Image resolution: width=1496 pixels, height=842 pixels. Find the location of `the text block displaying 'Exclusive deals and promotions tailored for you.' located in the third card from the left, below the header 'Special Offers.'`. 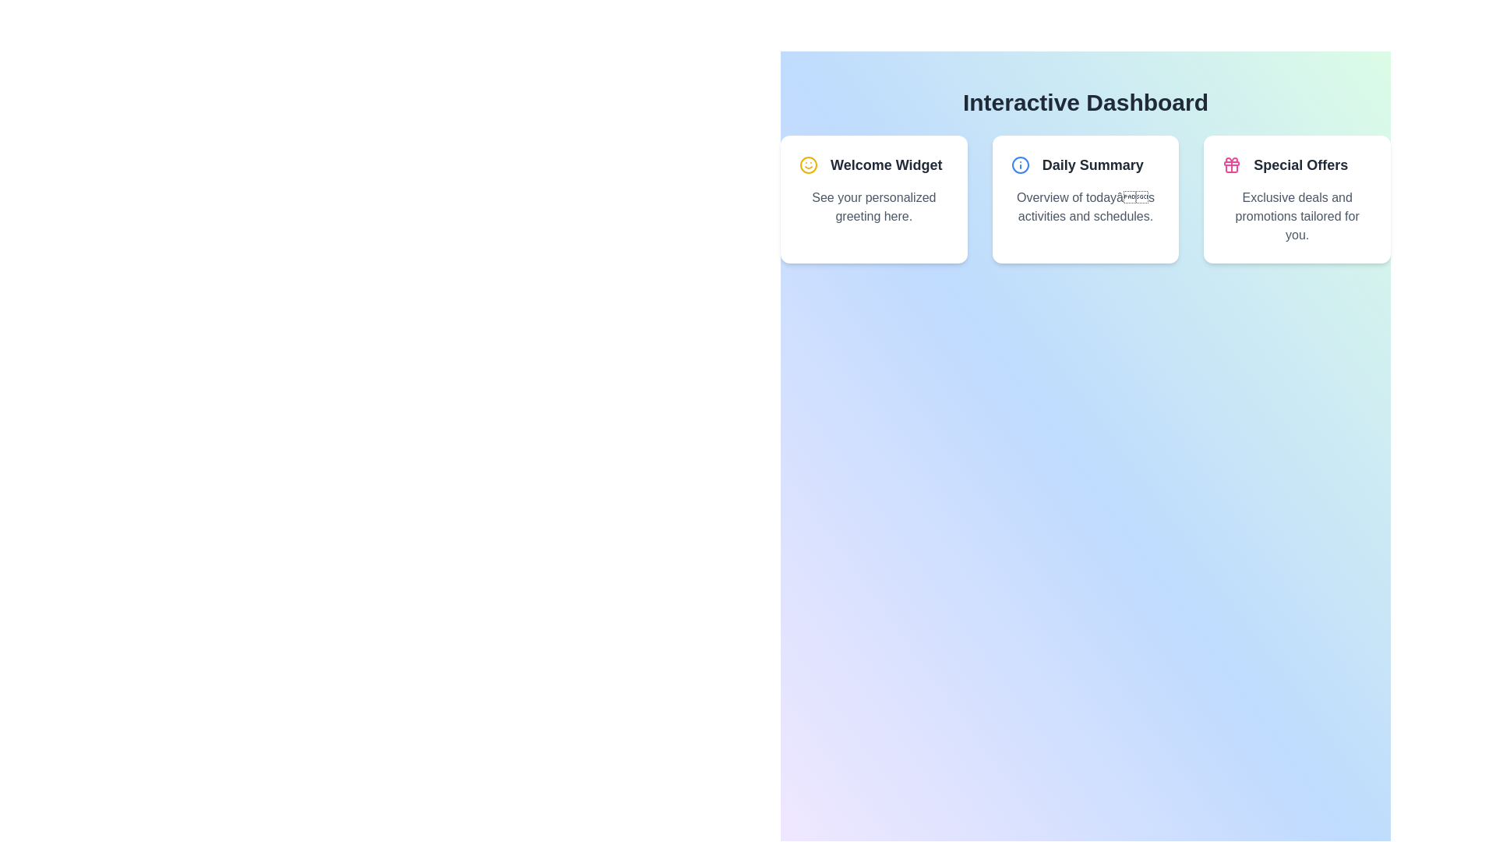

the text block displaying 'Exclusive deals and promotions tailored for you.' located in the third card from the left, below the header 'Special Offers.' is located at coordinates (1297, 216).